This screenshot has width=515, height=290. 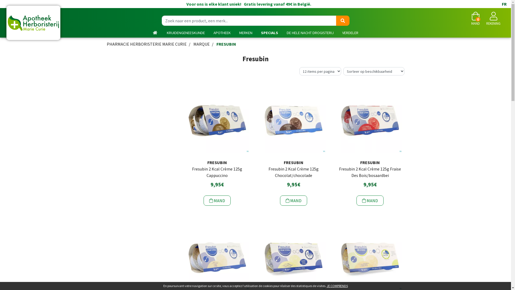 I want to click on 'PHARMACIE HERBORISTERIE MARIE CURIE', so click(x=147, y=44).